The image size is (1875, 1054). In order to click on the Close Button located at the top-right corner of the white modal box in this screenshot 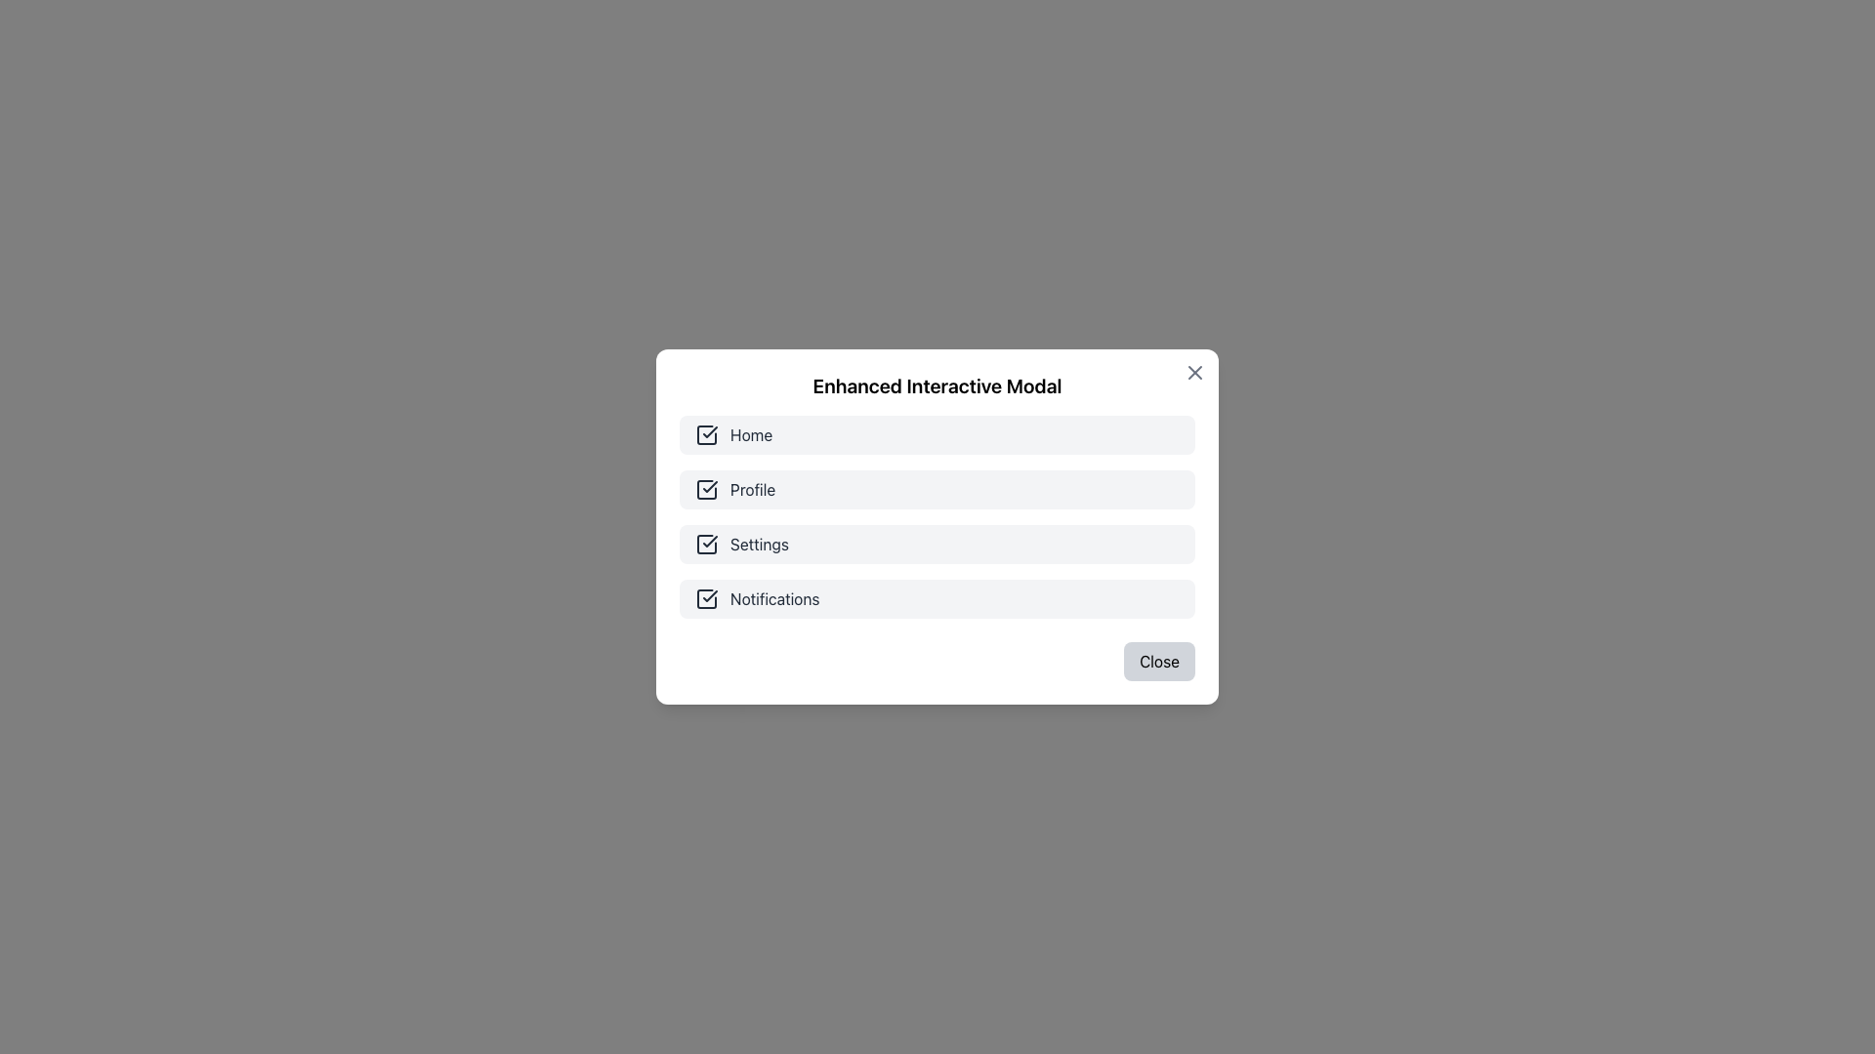, I will do `click(1194, 372)`.